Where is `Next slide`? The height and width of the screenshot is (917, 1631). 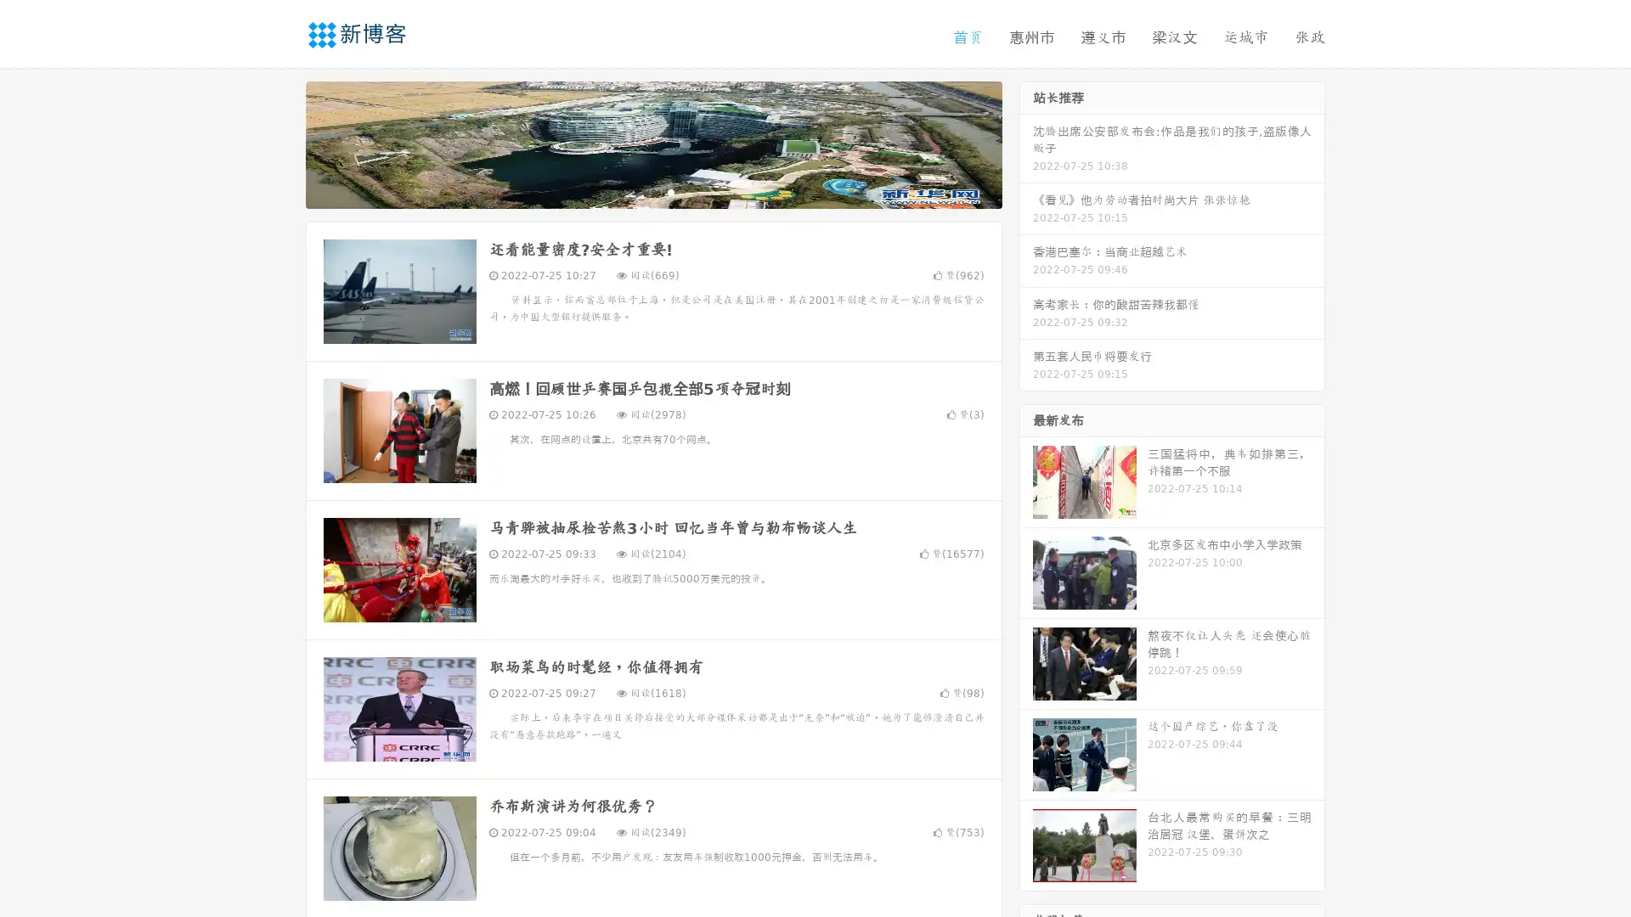 Next slide is located at coordinates (1026, 143).